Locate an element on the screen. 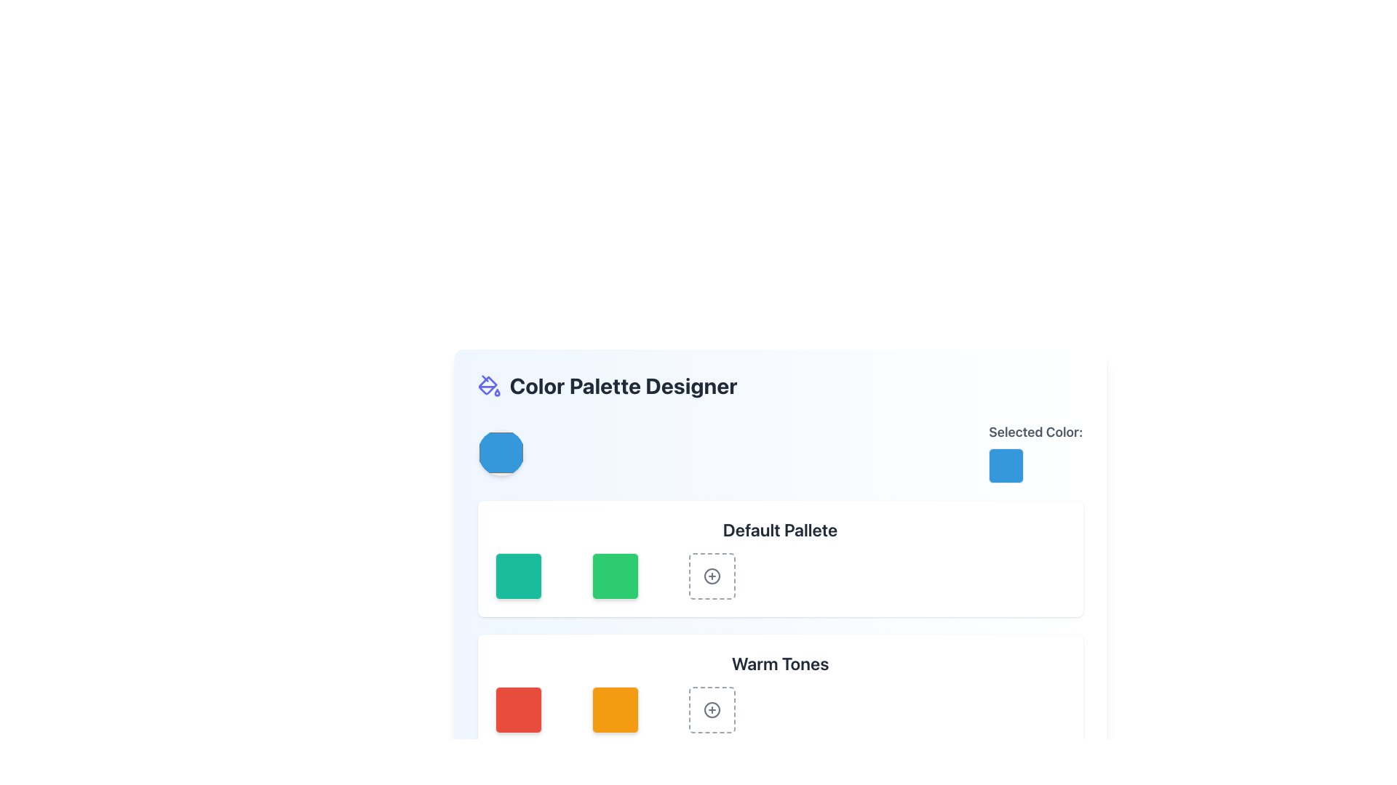  the text label displaying 'Selected Color:' which is styled in bold gray font and positioned above a colored square in the top-right section of the interface is located at coordinates (1035, 431).